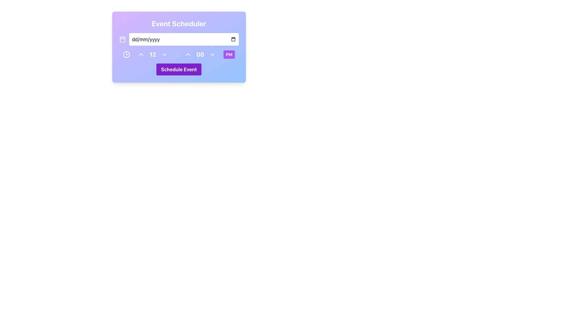 This screenshot has height=322, width=573. I want to click on the decorative SVG Circle that represents the outer structure of the clock icon in the Event Scheduler section, so click(126, 54).